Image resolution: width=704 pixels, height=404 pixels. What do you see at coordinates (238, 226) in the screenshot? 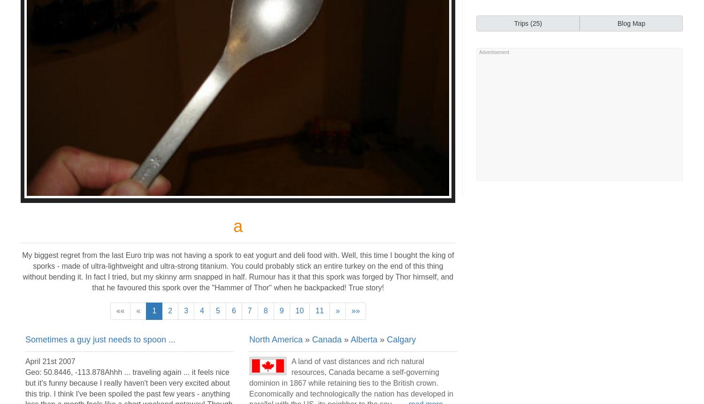
I see `'a'` at bounding box center [238, 226].